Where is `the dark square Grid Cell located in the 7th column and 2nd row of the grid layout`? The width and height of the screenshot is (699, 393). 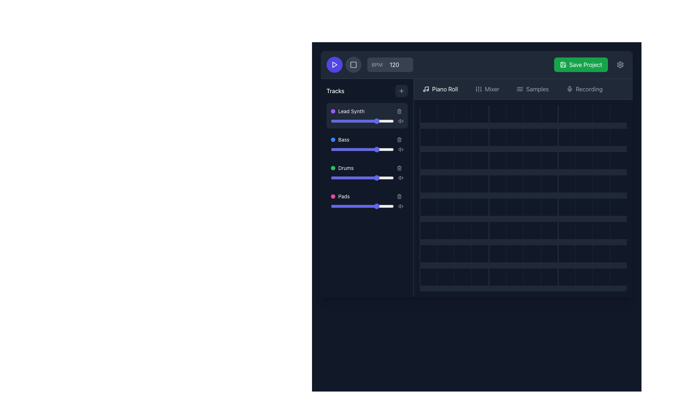 the dark square Grid Cell located in the 7th column and 2nd row of the grid layout is located at coordinates (532, 137).